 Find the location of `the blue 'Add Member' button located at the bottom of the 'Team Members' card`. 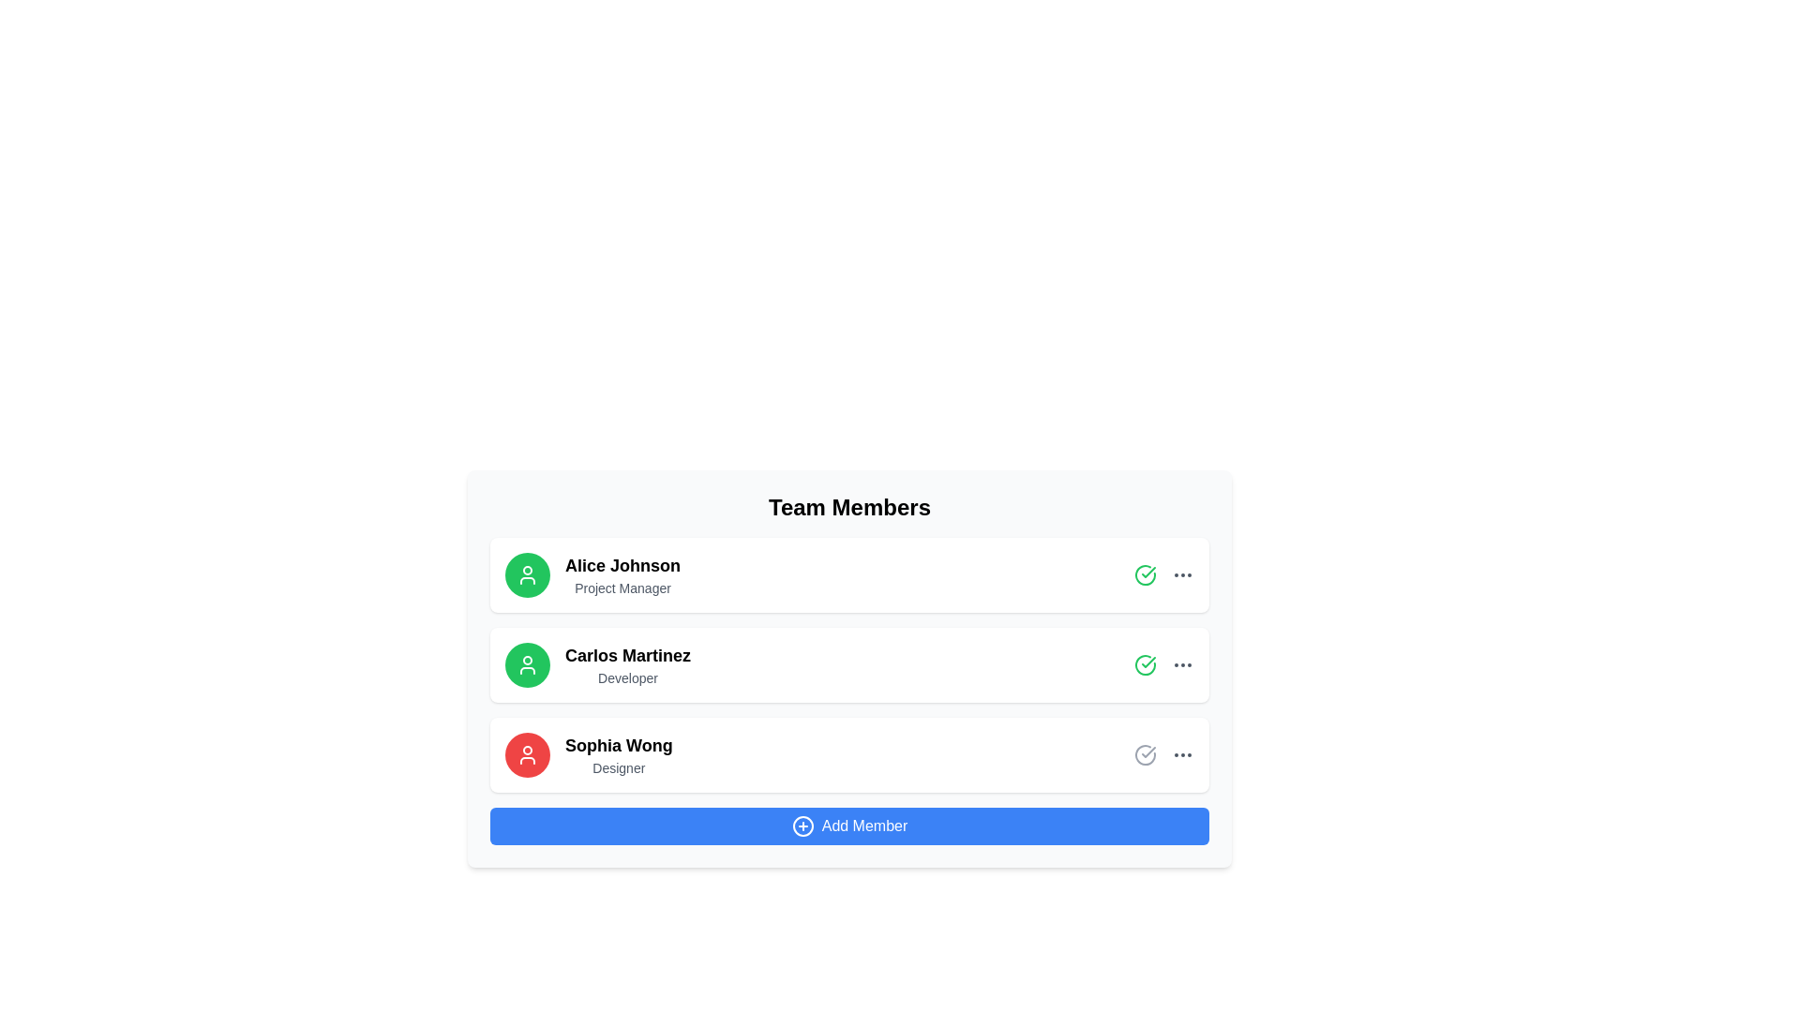

the blue 'Add Member' button located at the bottom of the 'Team Members' card is located at coordinates (848, 826).